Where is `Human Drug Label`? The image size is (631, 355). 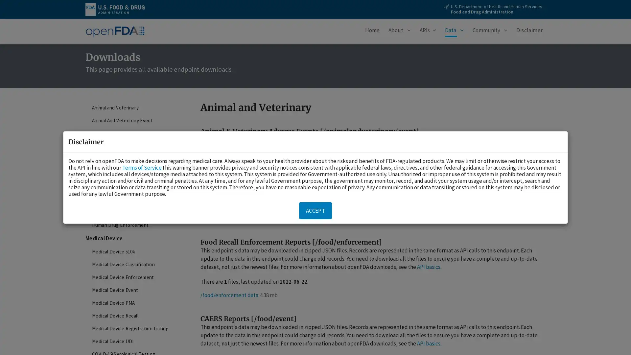
Human Drug Label is located at coordinates (134, 199).